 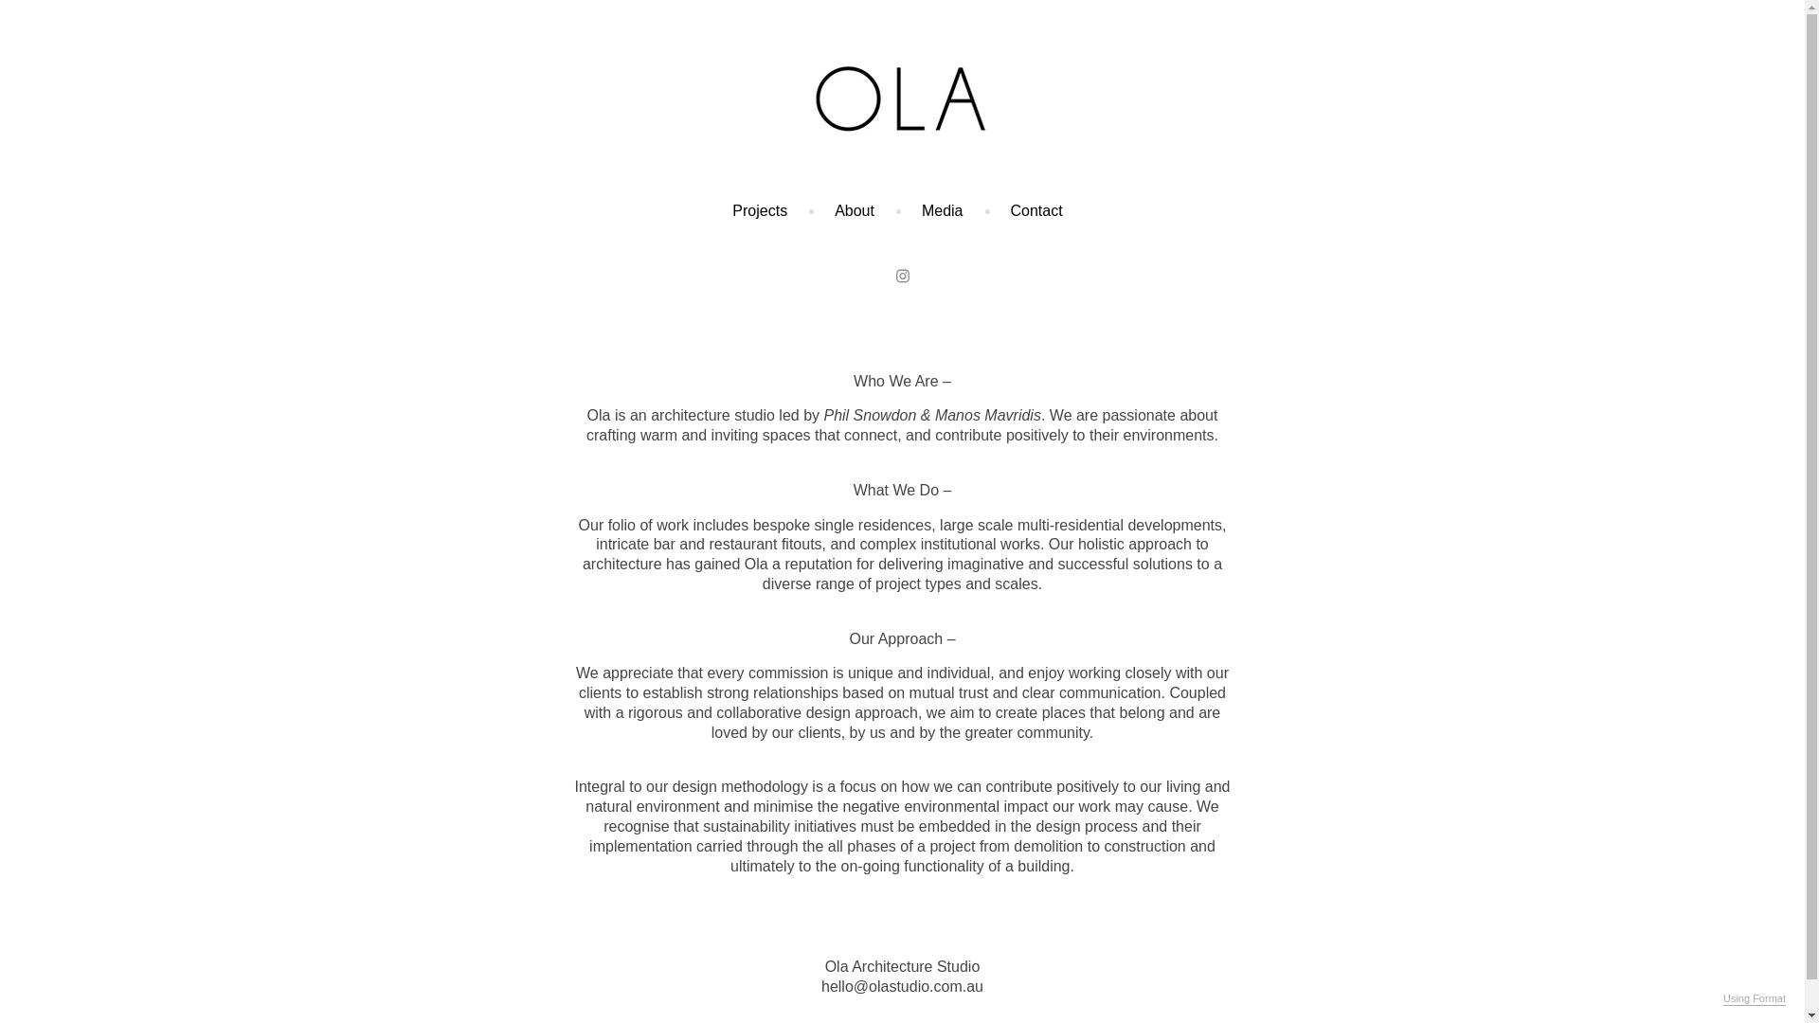 I want to click on 'hello@olastudio.com.au', so click(x=901, y=985).